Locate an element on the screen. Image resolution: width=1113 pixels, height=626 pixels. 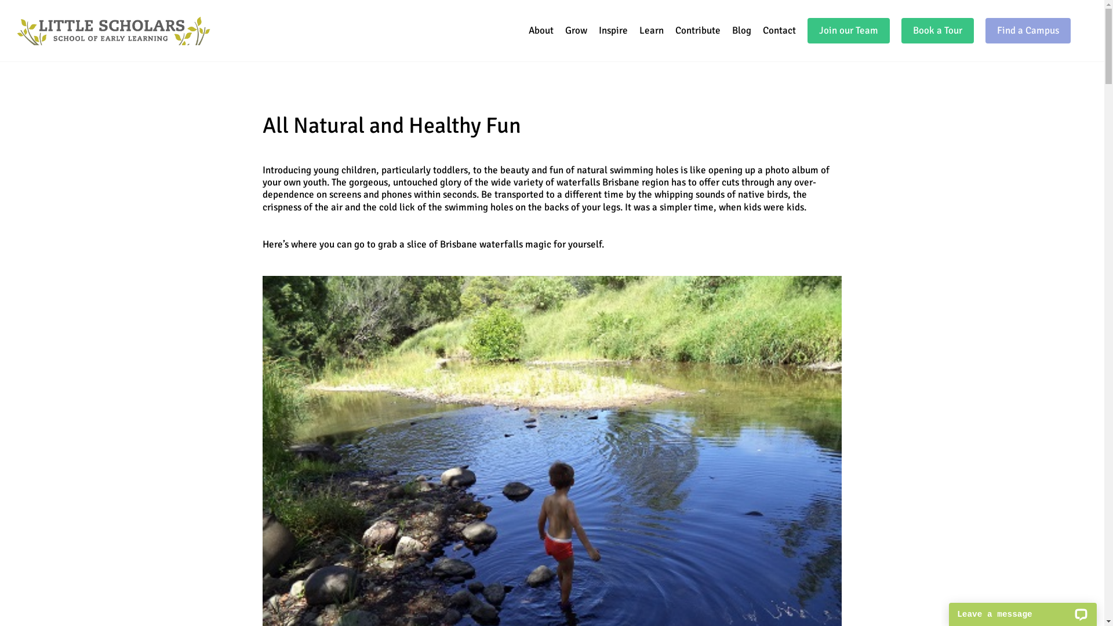
'Inspire' is located at coordinates (612, 30).